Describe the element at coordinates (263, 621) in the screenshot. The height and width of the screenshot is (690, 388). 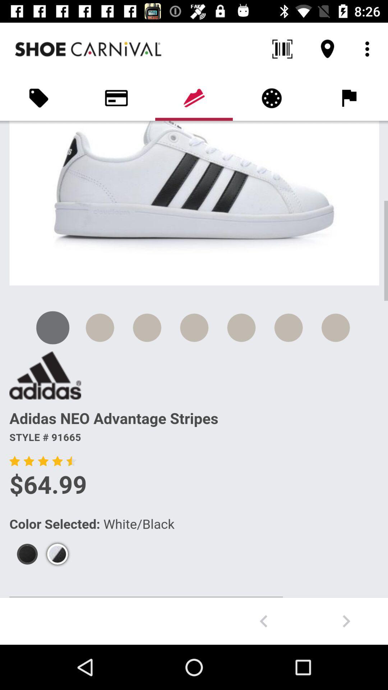
I see `slide the image` at that location.